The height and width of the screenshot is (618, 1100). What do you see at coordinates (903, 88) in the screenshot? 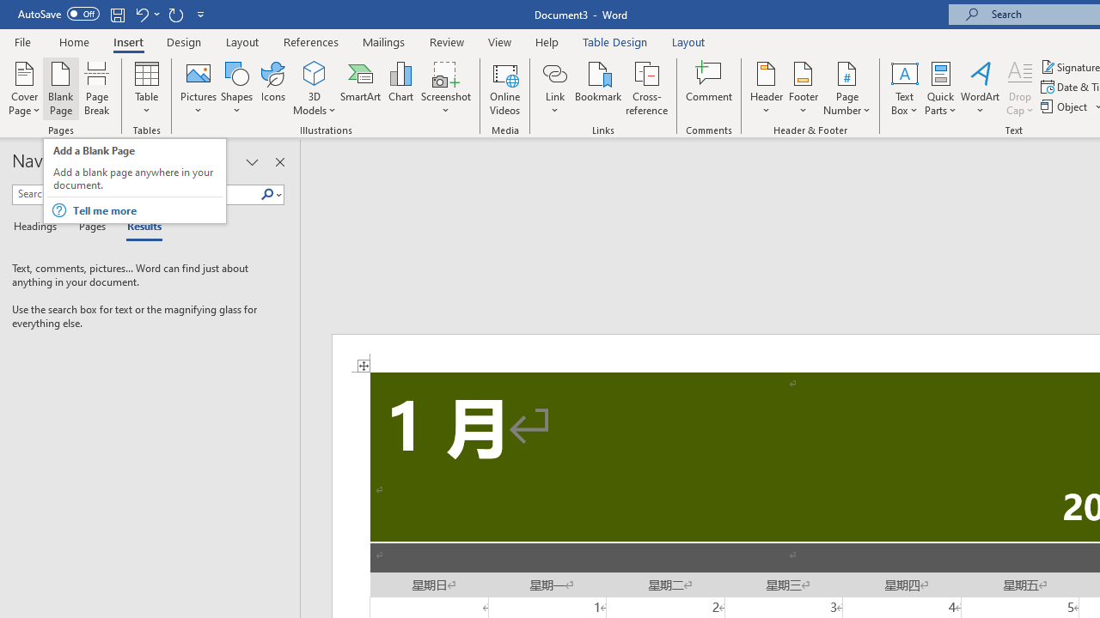
I see `'Text Box'` at bounding box center [903, 88].